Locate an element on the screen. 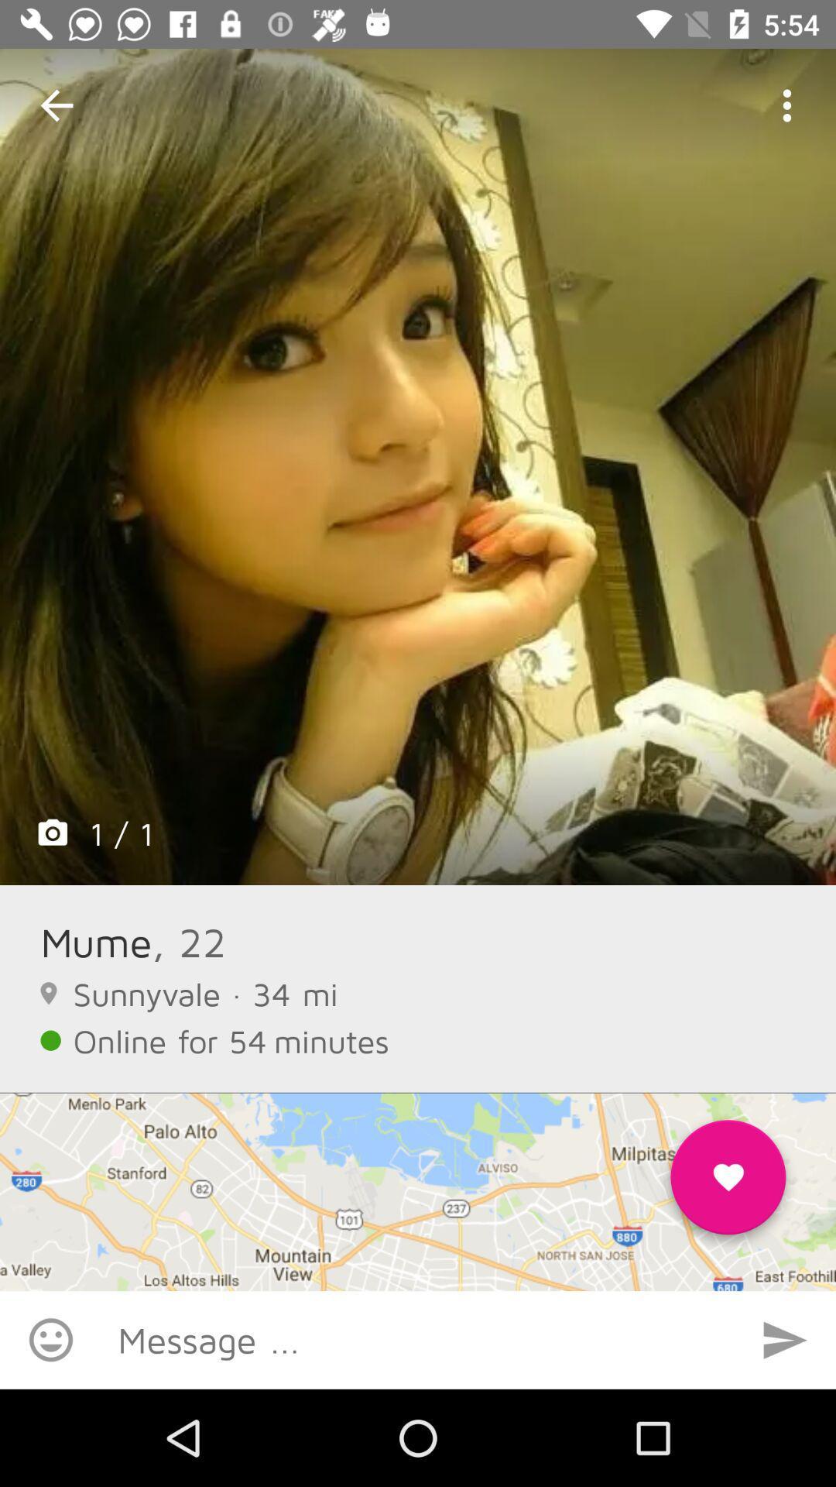  the emoji icon is located at coordinates (50, 1339).